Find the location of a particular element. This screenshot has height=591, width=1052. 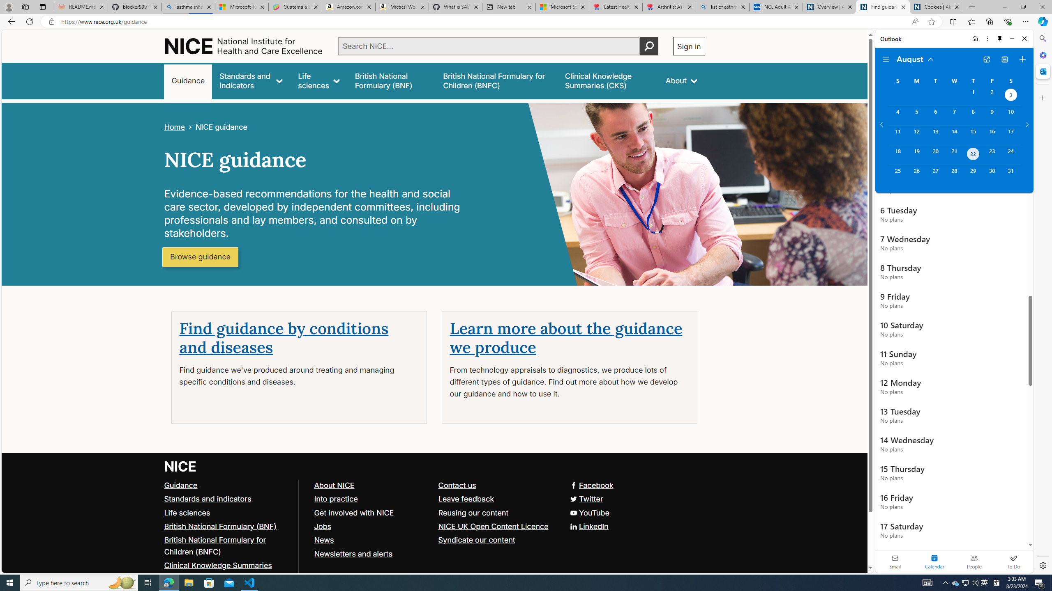

'Guidance' is located at coordinates (181, 484).